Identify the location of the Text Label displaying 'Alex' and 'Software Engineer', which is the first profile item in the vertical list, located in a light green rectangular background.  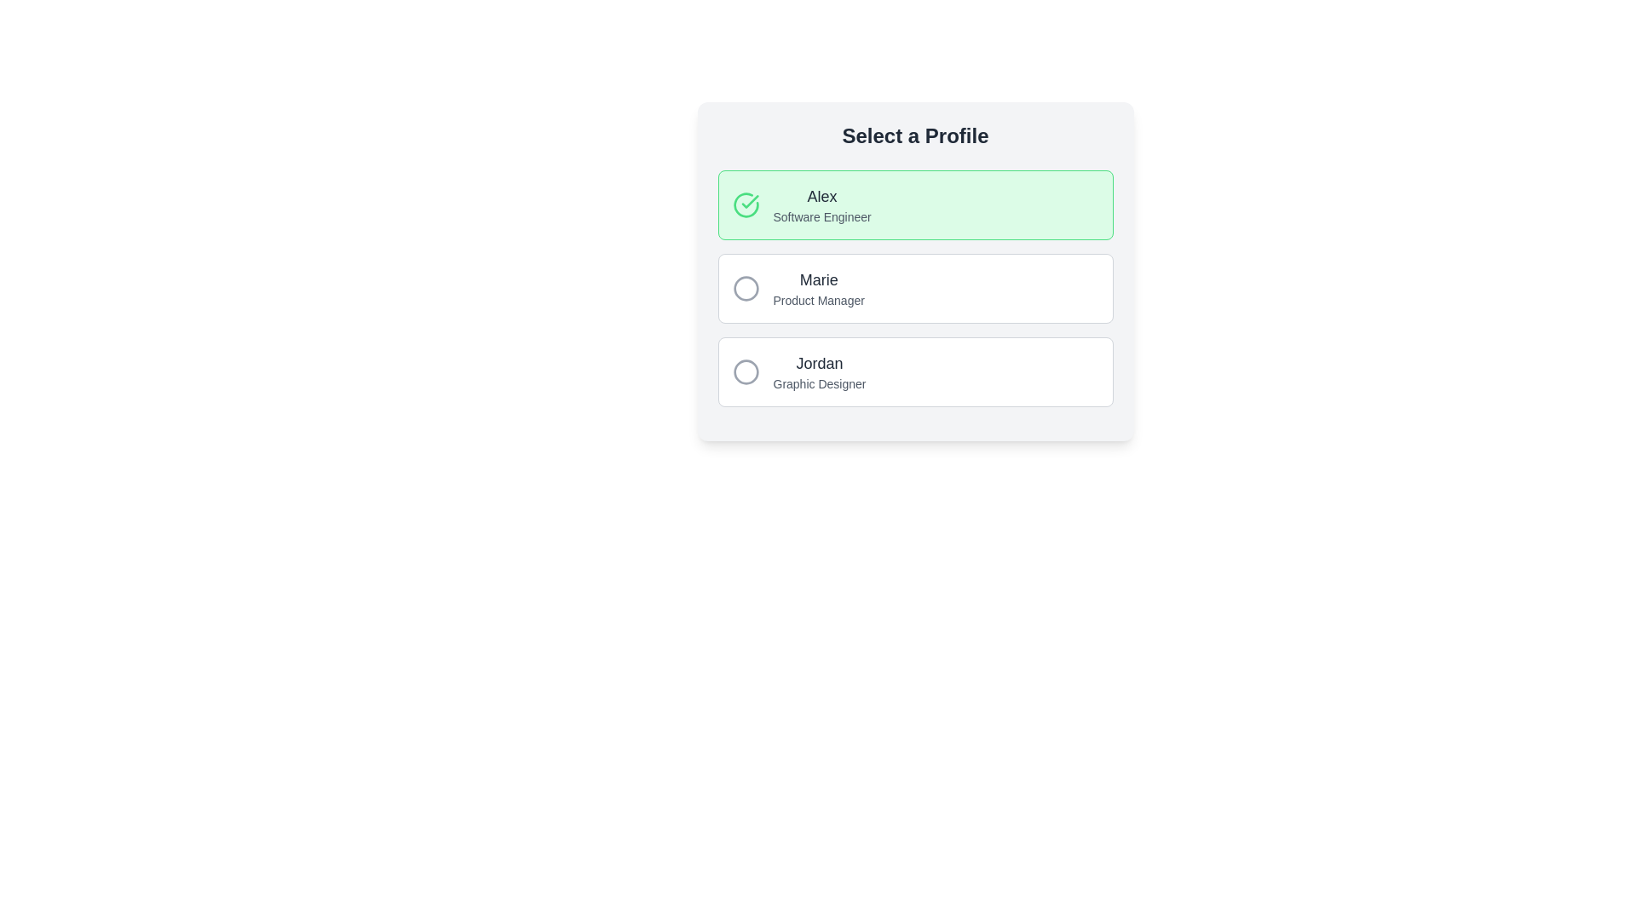
(822, 204).